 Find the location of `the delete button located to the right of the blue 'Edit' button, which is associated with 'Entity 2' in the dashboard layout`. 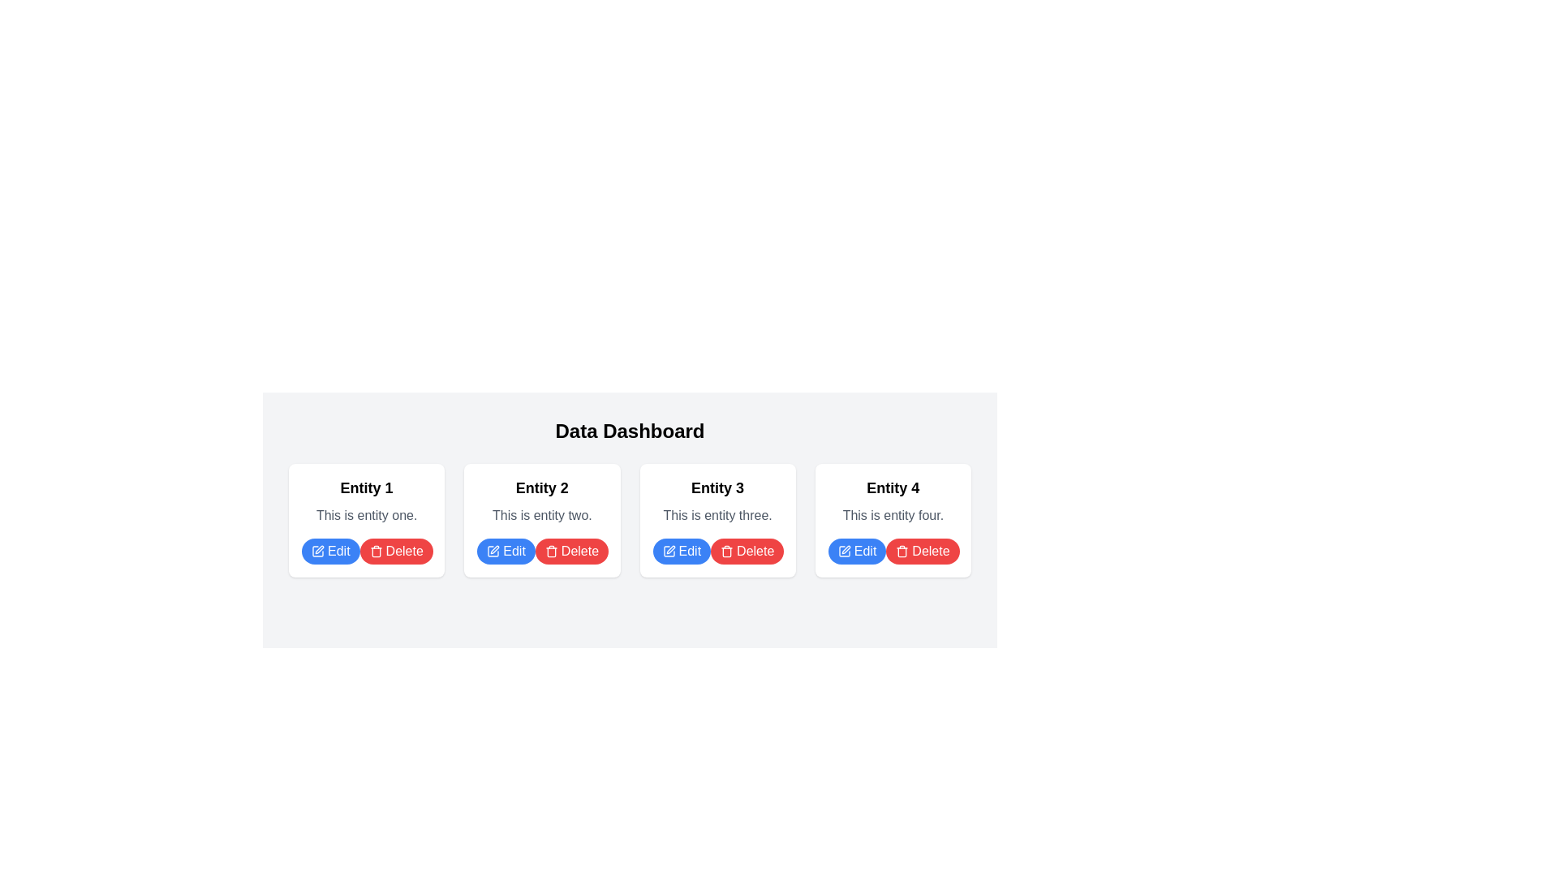

the delete button located to the right of the blue 'Edit' button, which is associated with 'Entity 2' in the dashboard layout is located at coordinates (572, 550).